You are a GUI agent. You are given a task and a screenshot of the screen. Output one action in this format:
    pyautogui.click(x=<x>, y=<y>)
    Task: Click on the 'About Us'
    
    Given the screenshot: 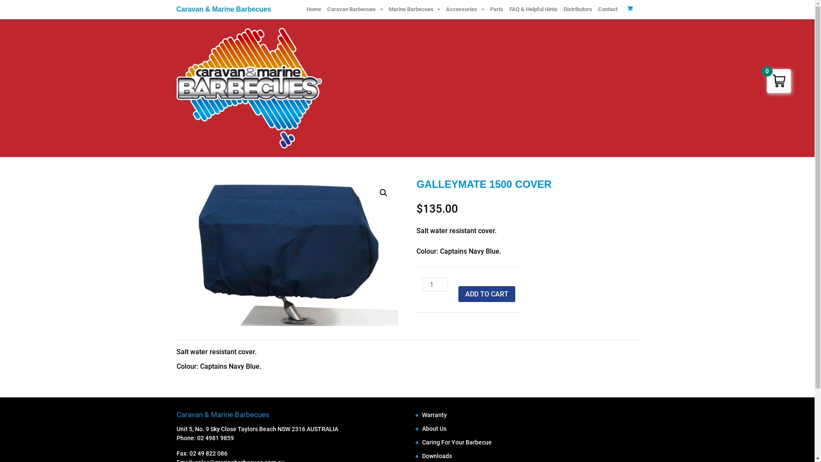 What is the action you would take?
    pyautogui.click(x=422, y=429)
    